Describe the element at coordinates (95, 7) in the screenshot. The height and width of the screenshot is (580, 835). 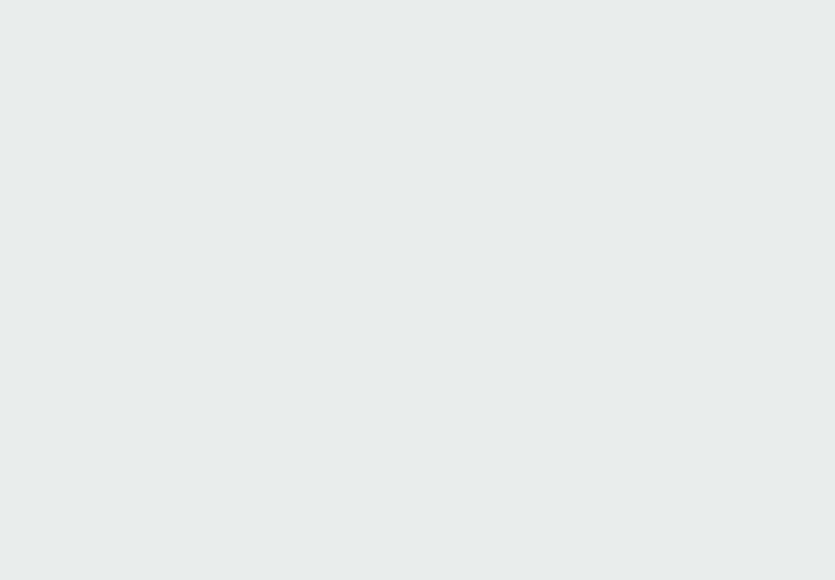
I see `'Older Post'` at that location.